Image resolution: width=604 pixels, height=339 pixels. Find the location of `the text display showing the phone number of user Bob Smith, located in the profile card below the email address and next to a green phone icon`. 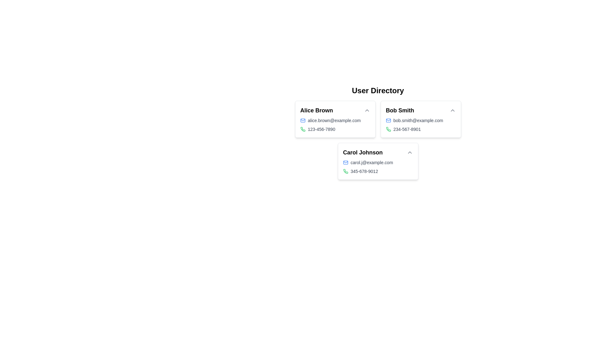

the text display showing the phone number of user Bob Smith, located in the profile card below the email address and next to a green phone icon is located at coordinates (407, 129).